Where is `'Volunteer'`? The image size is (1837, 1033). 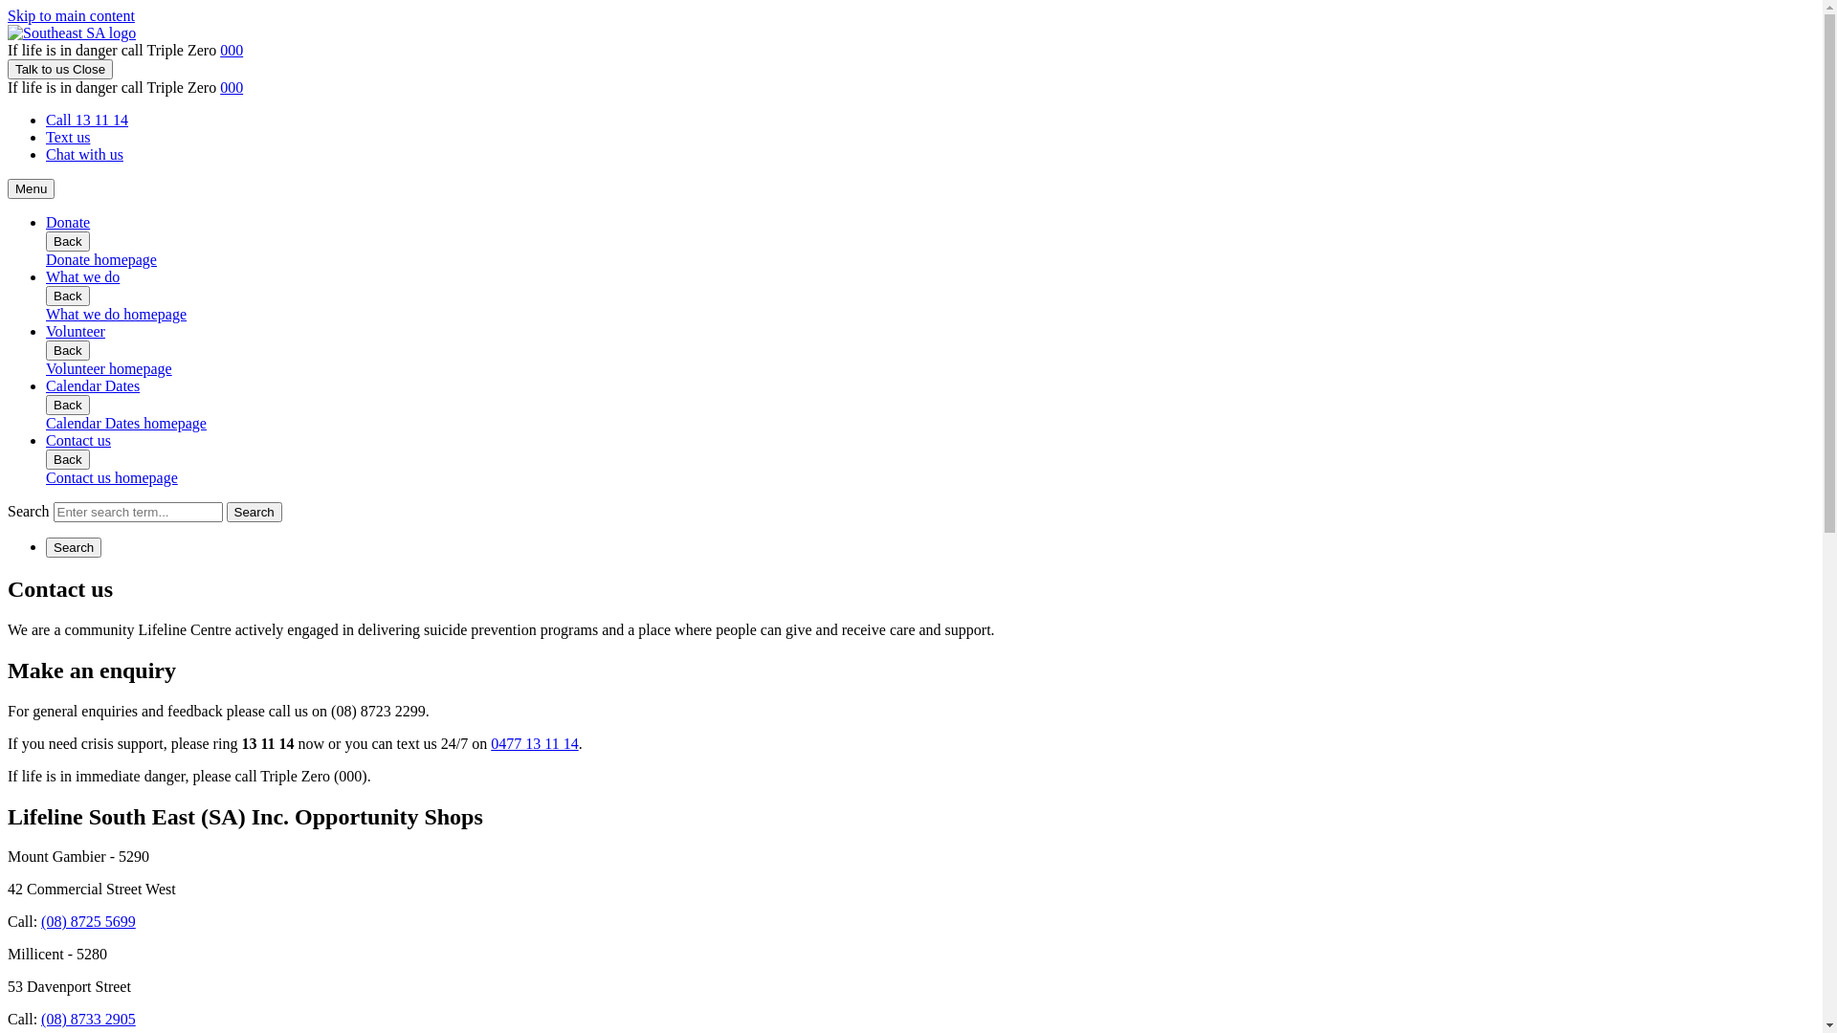 'Volunteer' is located at coordinates (75, 330).